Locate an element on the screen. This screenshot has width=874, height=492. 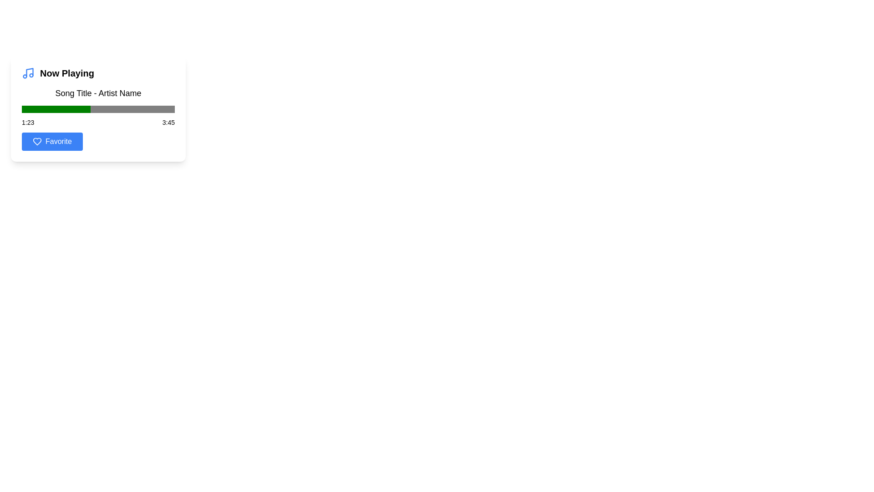
the vertical stem component of the music note icon located at the top-left corner of the card displaying the now-playing song details is located at coordinates (30, 72).